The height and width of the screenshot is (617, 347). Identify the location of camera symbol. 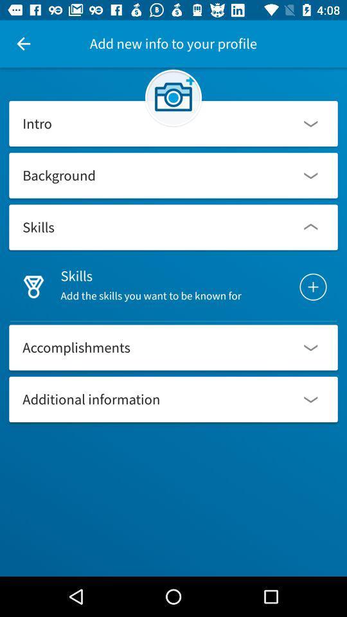
(173, 96).